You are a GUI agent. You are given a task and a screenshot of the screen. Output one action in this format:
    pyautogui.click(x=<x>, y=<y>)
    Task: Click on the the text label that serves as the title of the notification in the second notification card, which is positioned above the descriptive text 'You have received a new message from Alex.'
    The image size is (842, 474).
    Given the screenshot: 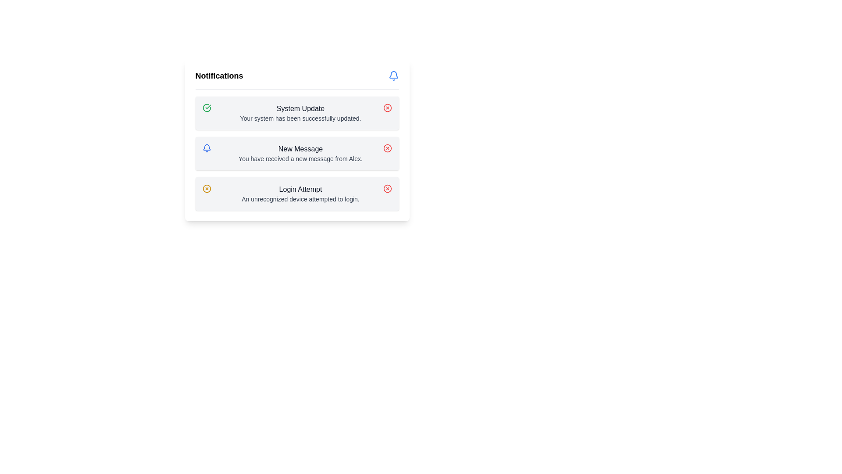 What is the action you would take?
    pyautogui.click(x=300, y=148)
    